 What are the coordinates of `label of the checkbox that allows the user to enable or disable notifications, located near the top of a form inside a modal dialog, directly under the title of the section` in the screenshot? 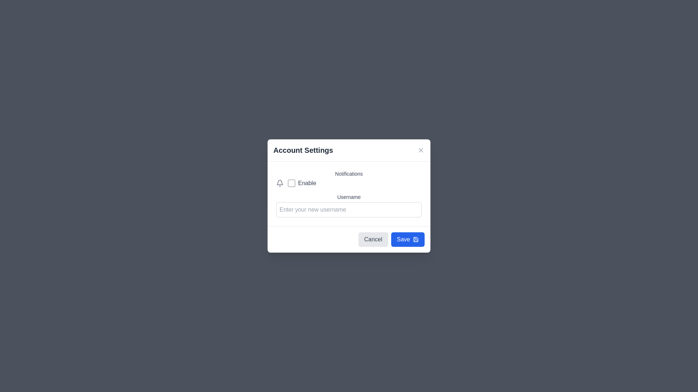 It's located at (349, 179).